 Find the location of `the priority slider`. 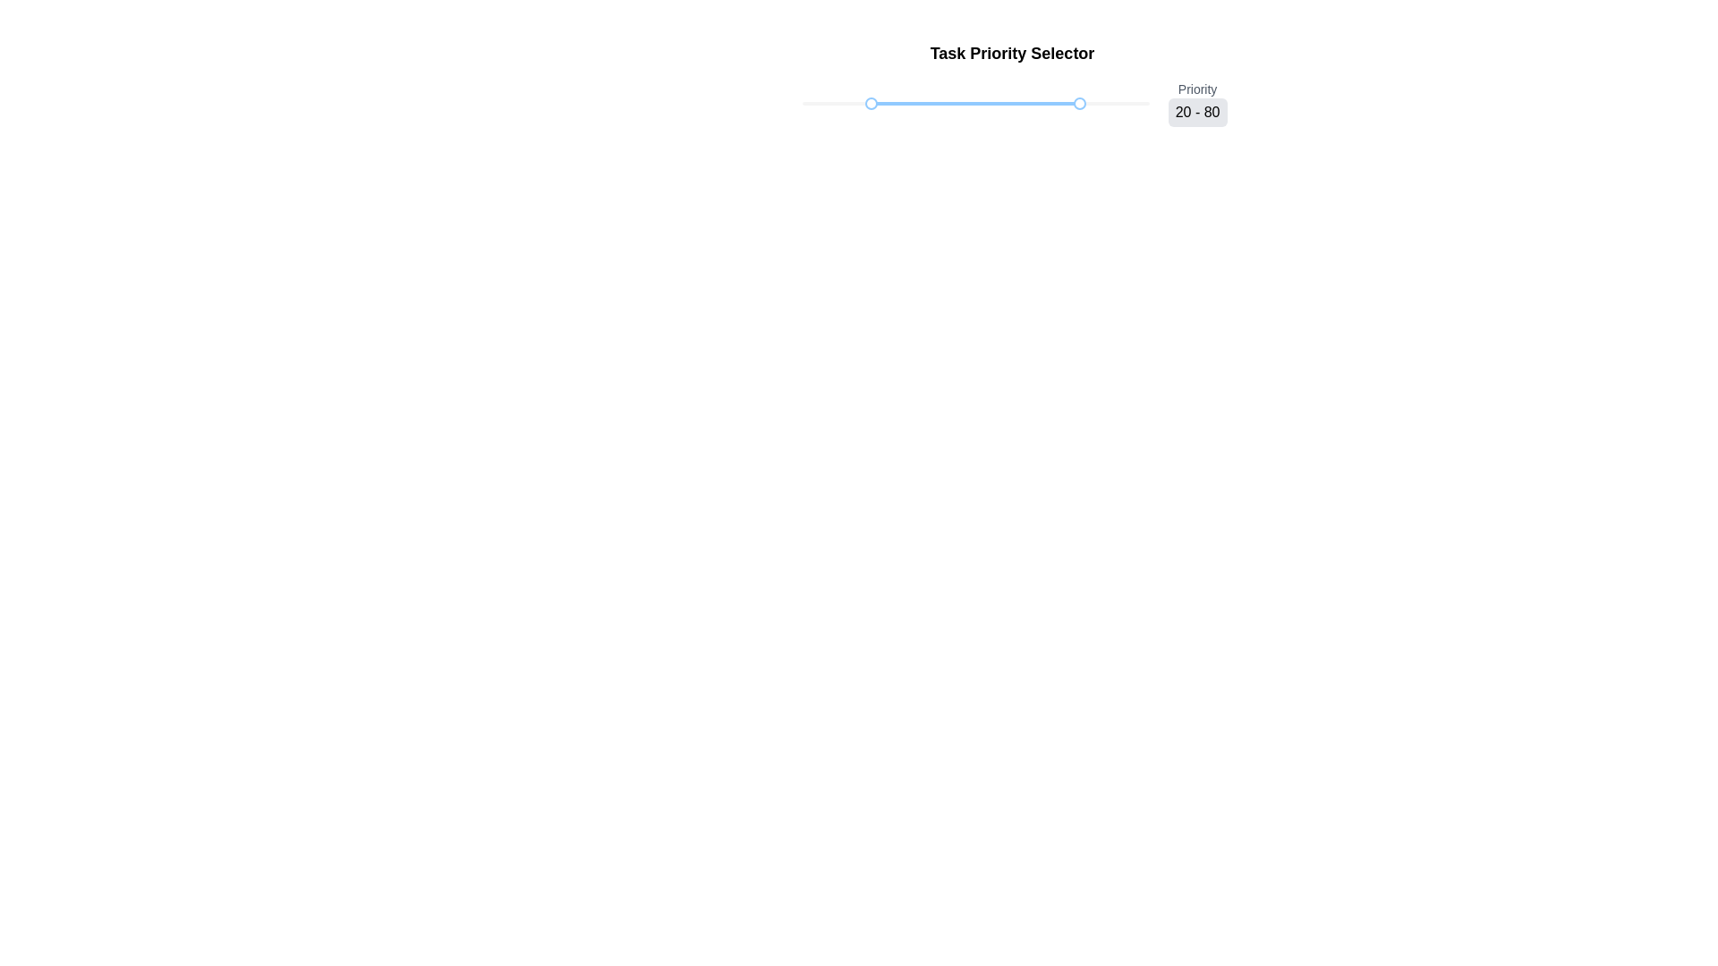

the priority slider is located at coordinates (1069, 103).